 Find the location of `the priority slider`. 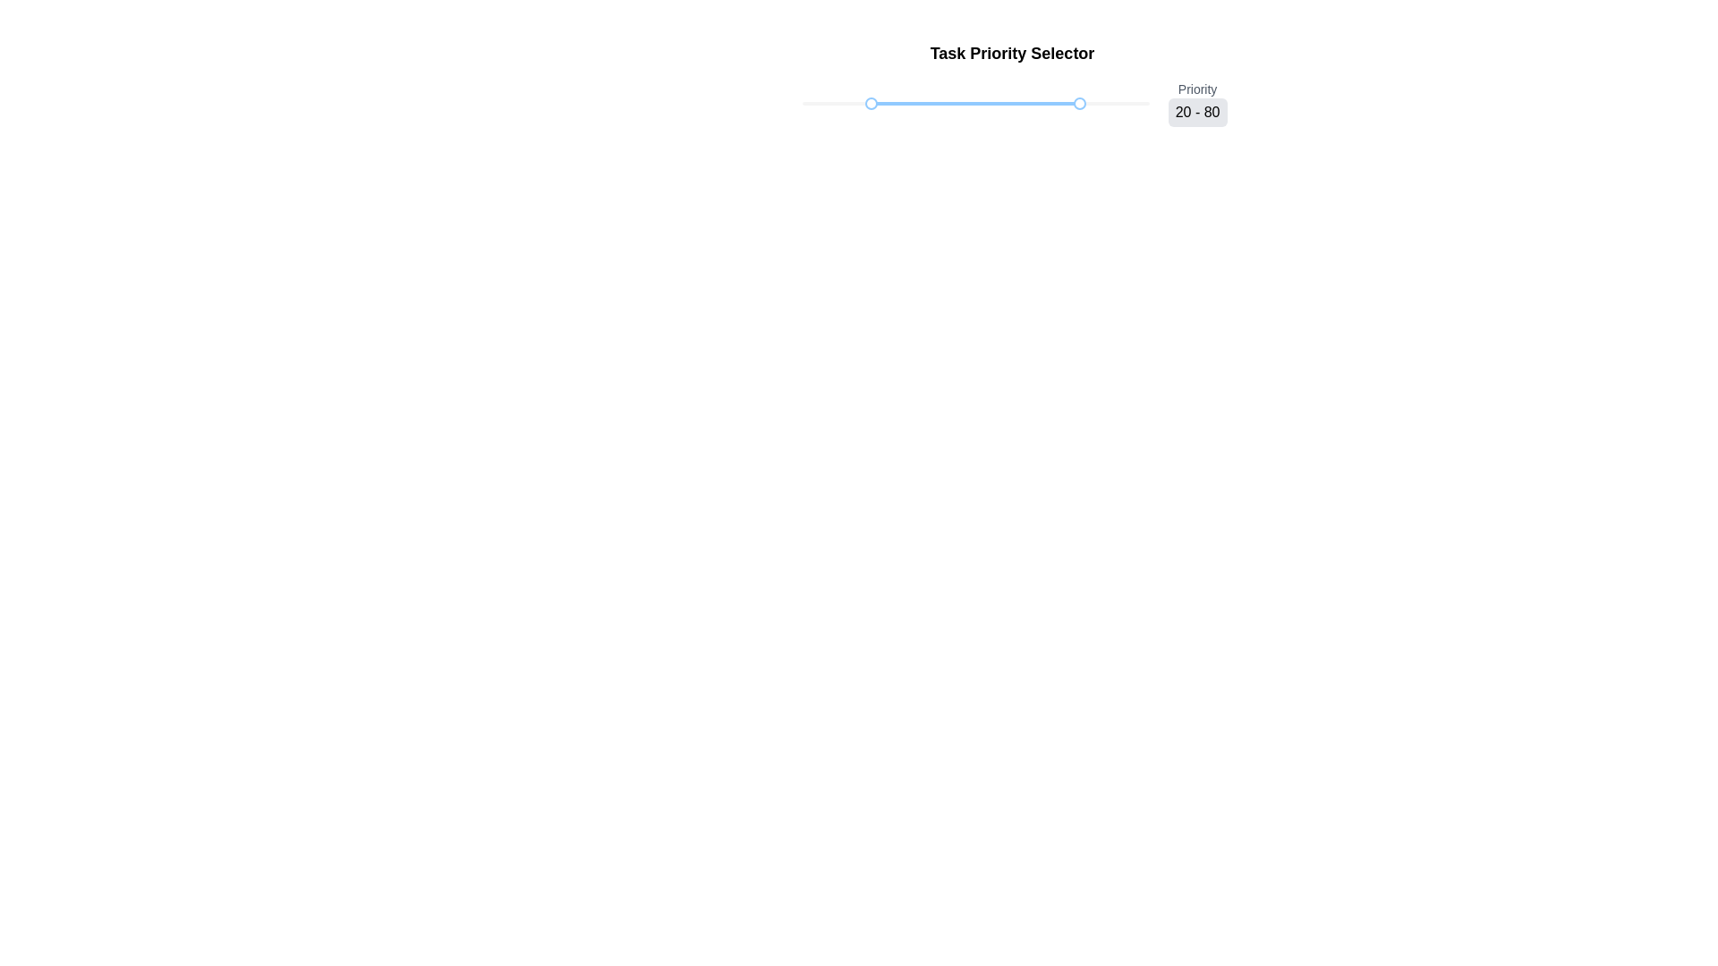

the priority slider is located at coordinates (1069, 103).